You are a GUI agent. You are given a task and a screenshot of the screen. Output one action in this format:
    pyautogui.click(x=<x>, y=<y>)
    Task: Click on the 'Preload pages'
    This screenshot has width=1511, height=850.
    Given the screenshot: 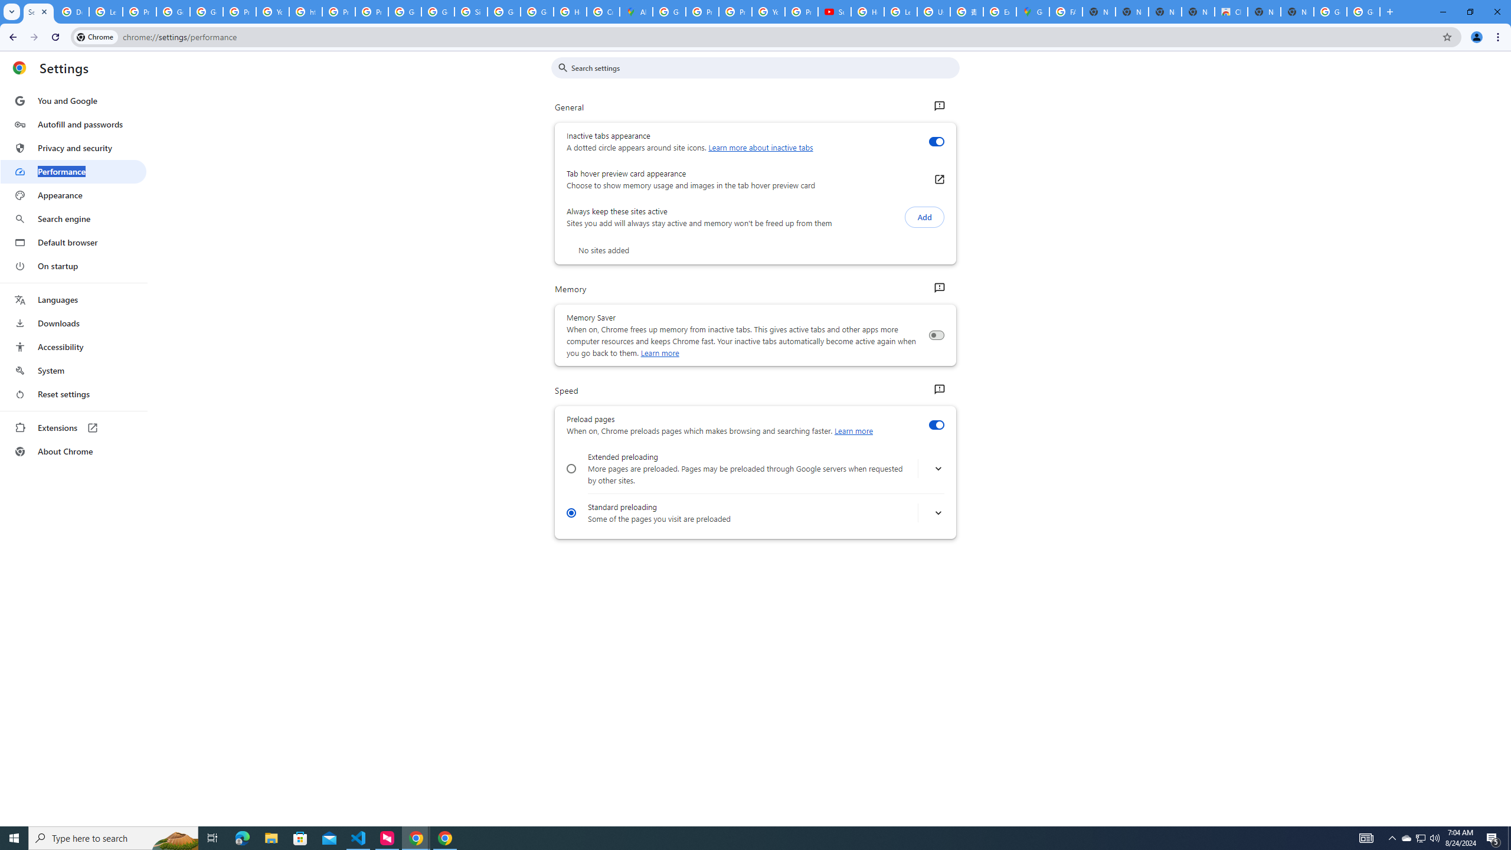 What is the action you would take?
    pyautogui.click(x=936, y=425)
    